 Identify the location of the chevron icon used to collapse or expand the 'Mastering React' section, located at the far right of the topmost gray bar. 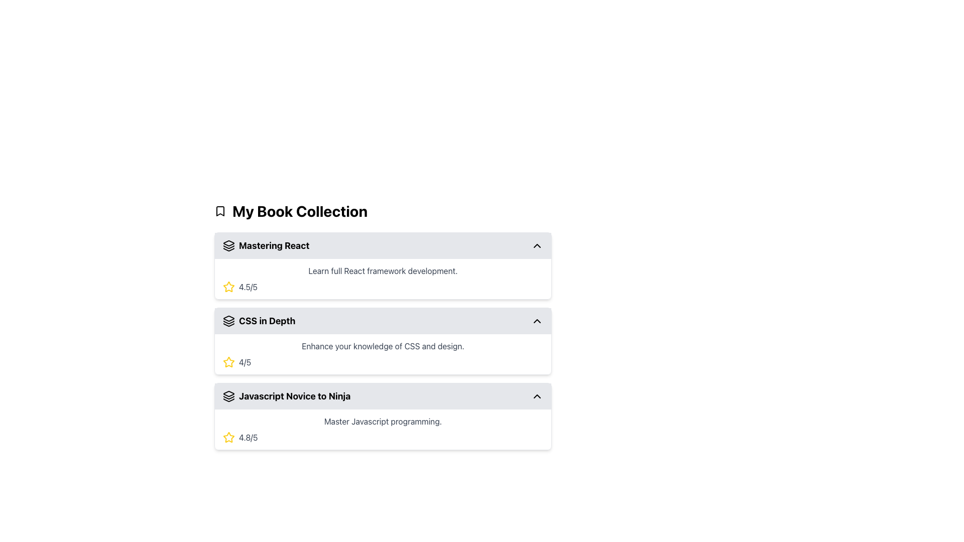
(537, 245).